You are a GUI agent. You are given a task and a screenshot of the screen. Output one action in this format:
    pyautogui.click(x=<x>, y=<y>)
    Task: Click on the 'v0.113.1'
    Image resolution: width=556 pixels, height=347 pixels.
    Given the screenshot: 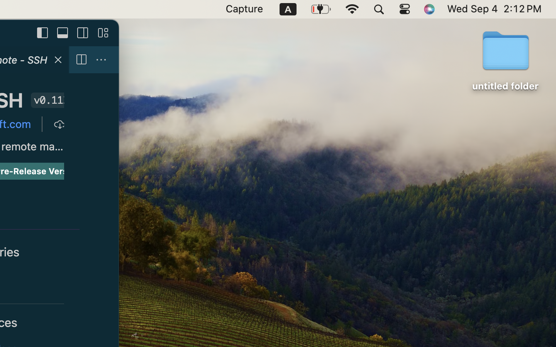 What is the action you would take?
    pyautogui.click(x=49, y=100)
    